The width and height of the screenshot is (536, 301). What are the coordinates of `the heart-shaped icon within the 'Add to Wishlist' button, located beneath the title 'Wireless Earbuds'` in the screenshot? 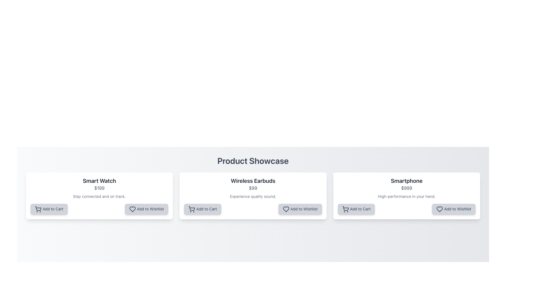 It's located at (286, 209).